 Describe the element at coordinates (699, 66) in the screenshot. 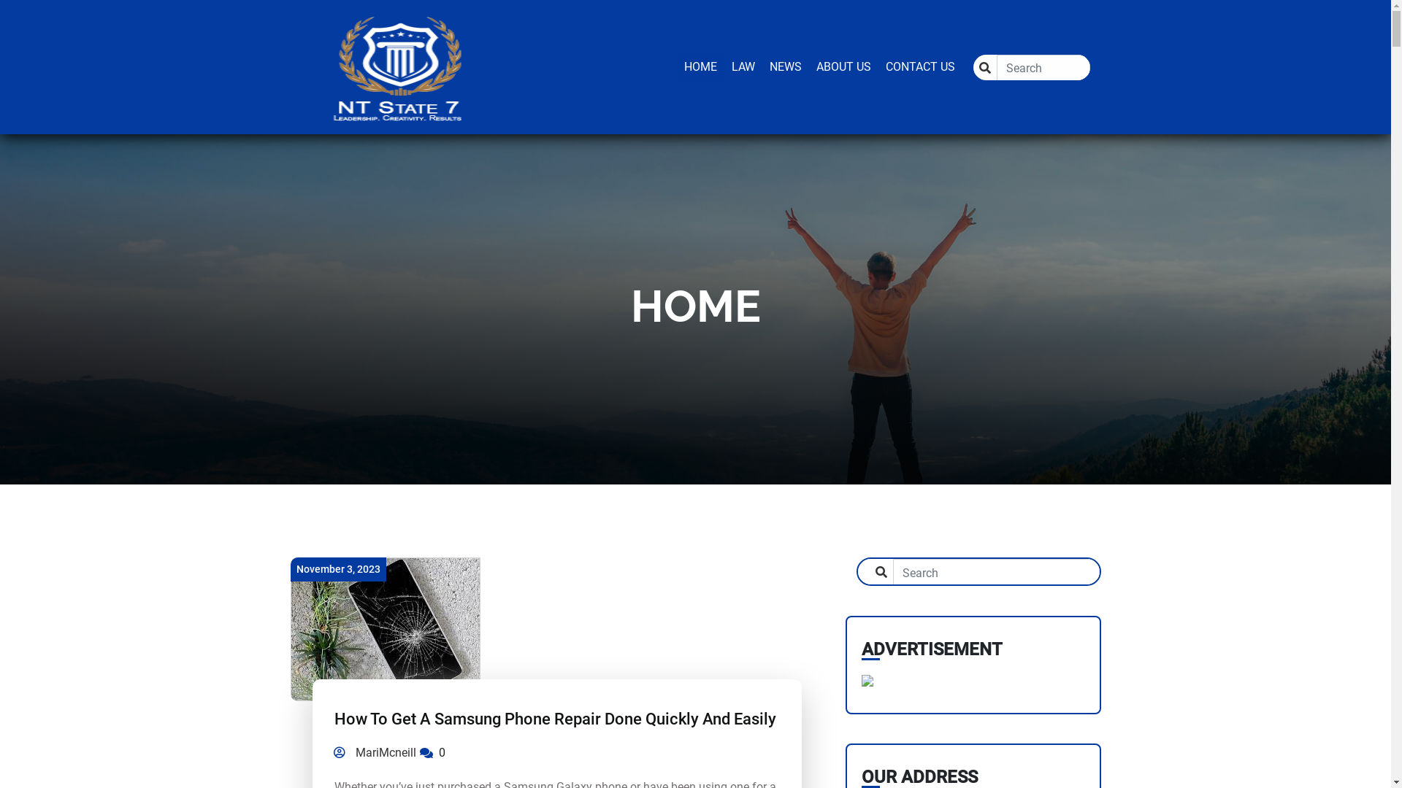

I see `'HOME'` at that location.